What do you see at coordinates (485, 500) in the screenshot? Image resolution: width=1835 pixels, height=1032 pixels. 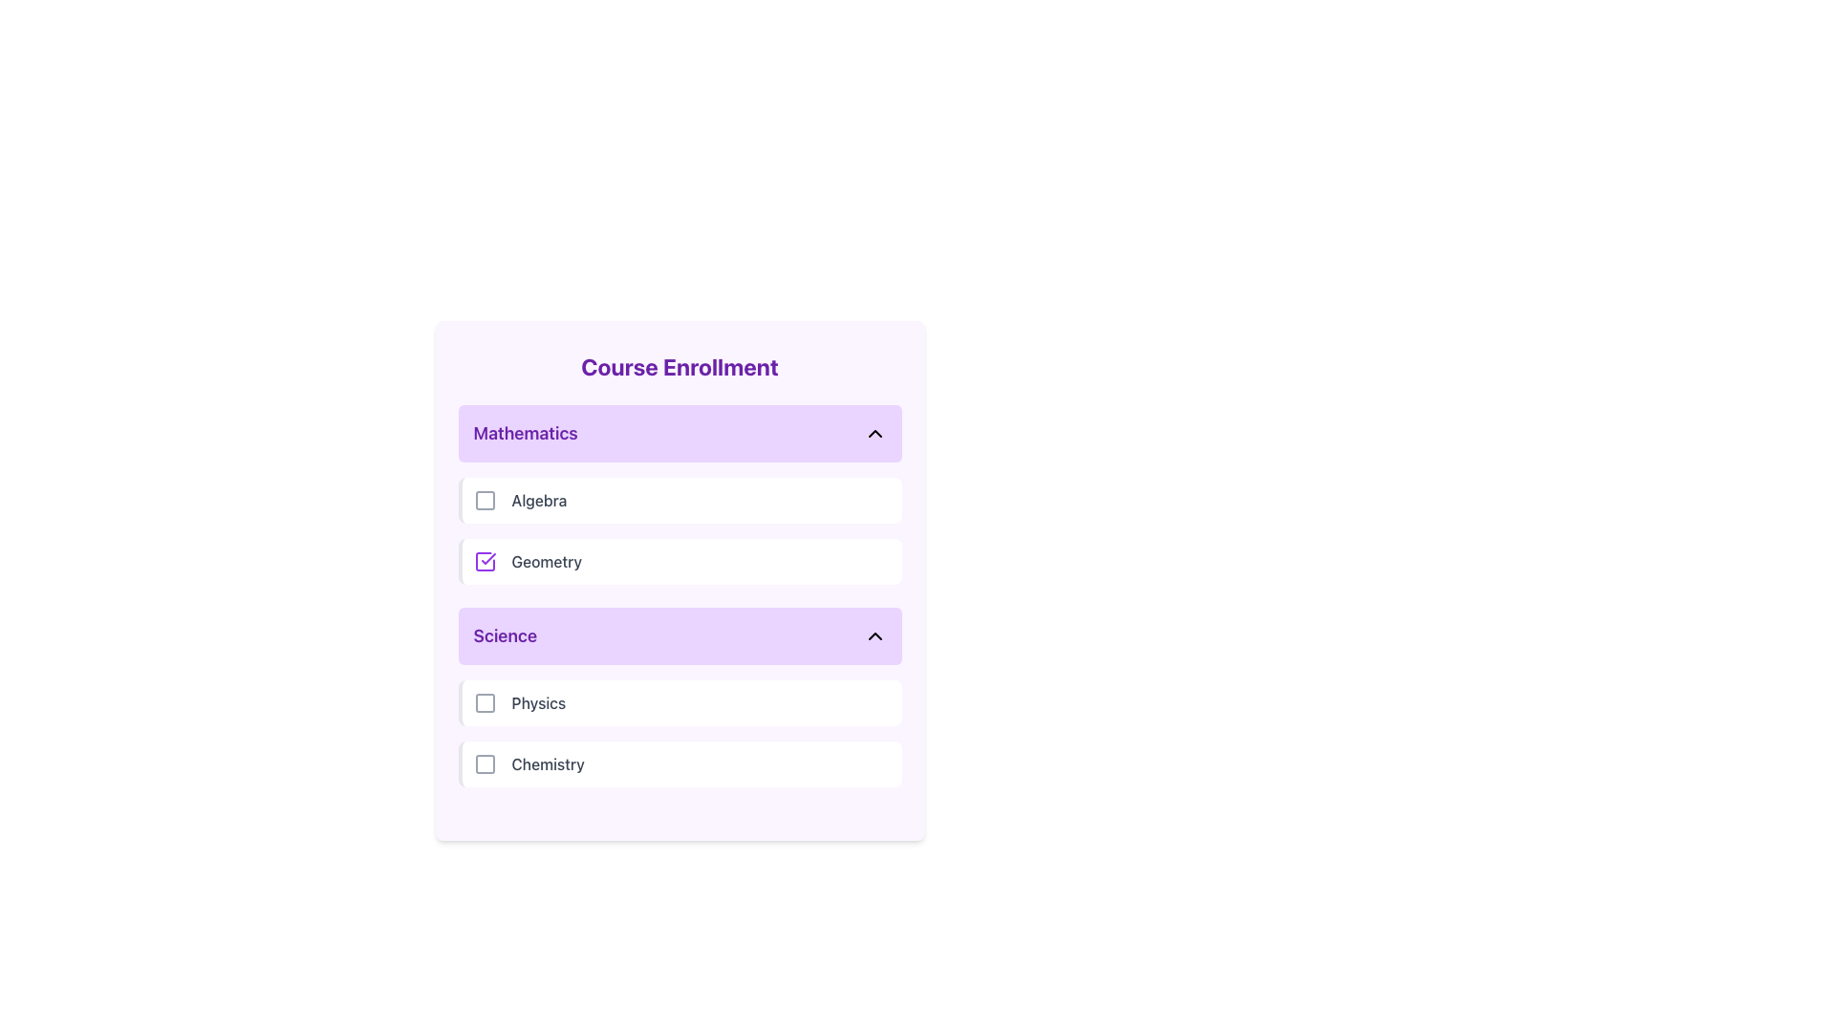 I see `the square-shaped icon with rounded corners, outlined in gray, located immediately to the left of the 'Algebra' text in the list of subjects under the 'Mathematics' category in the 'Course Enrollment' section` at bounding box center [485, 500].